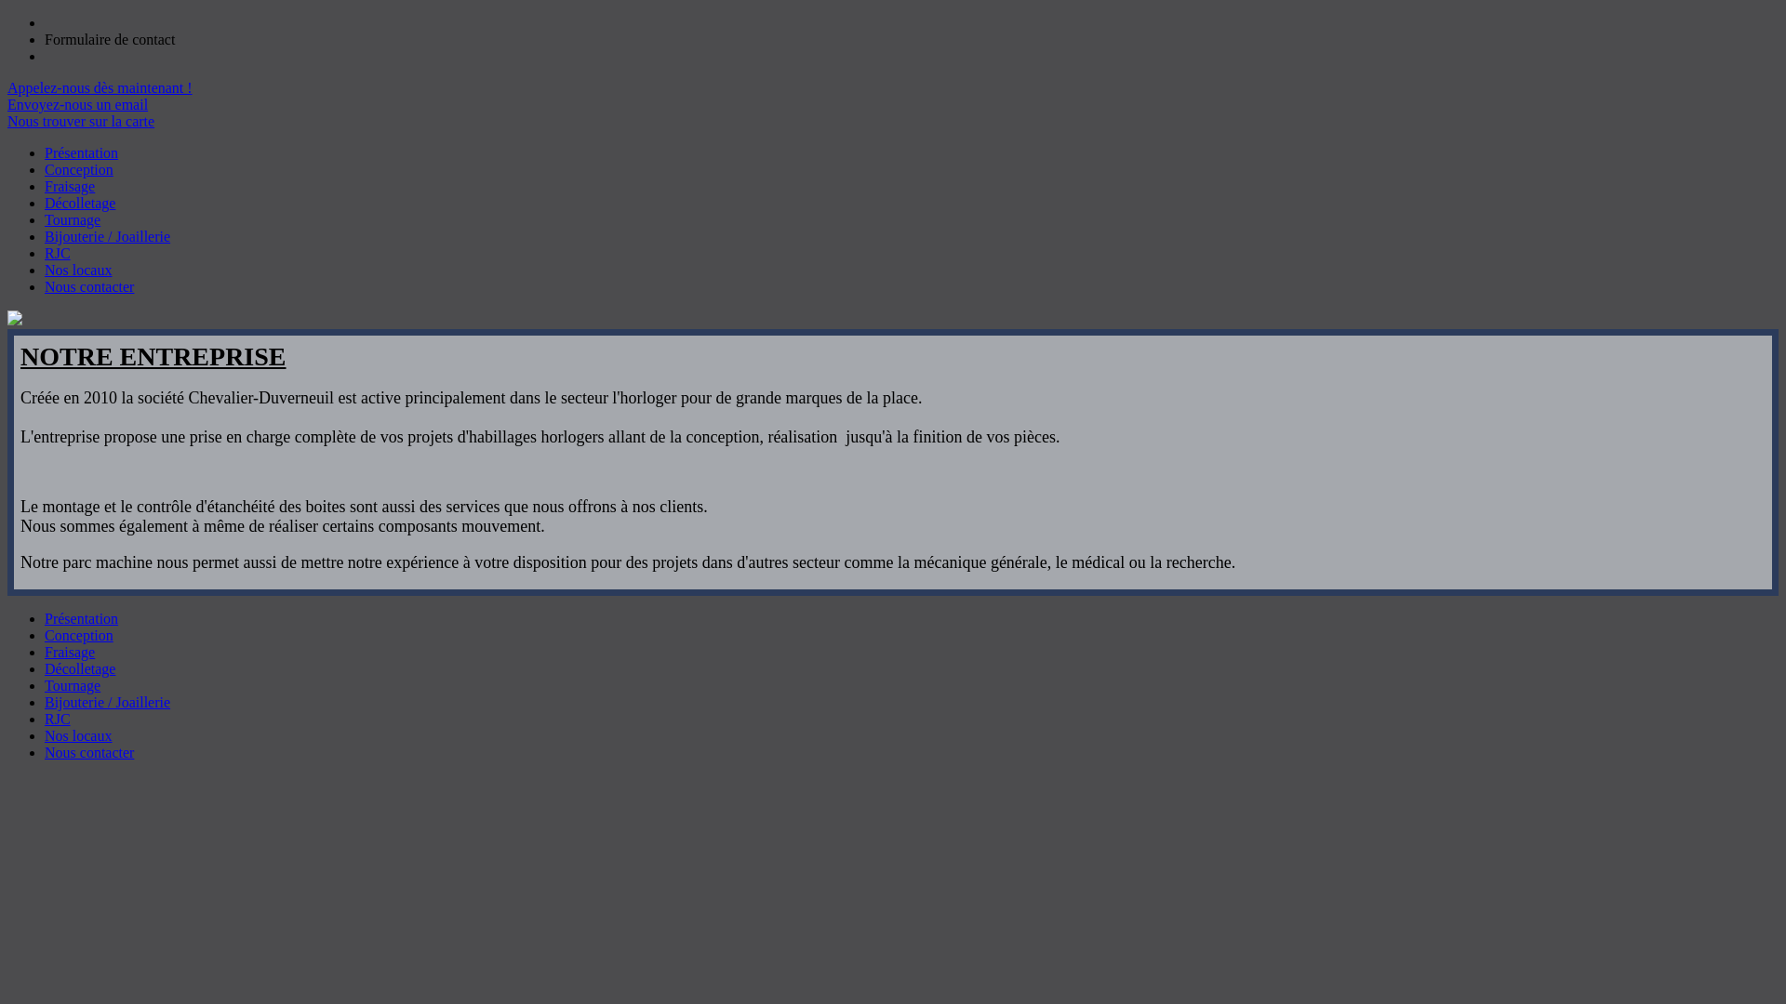 The height and width of the screenshot is (1004, 1786). What do you see at coordinates (72, 685) in the screenshot?
I see `'Tournage'` at bounding box center [72, 685].